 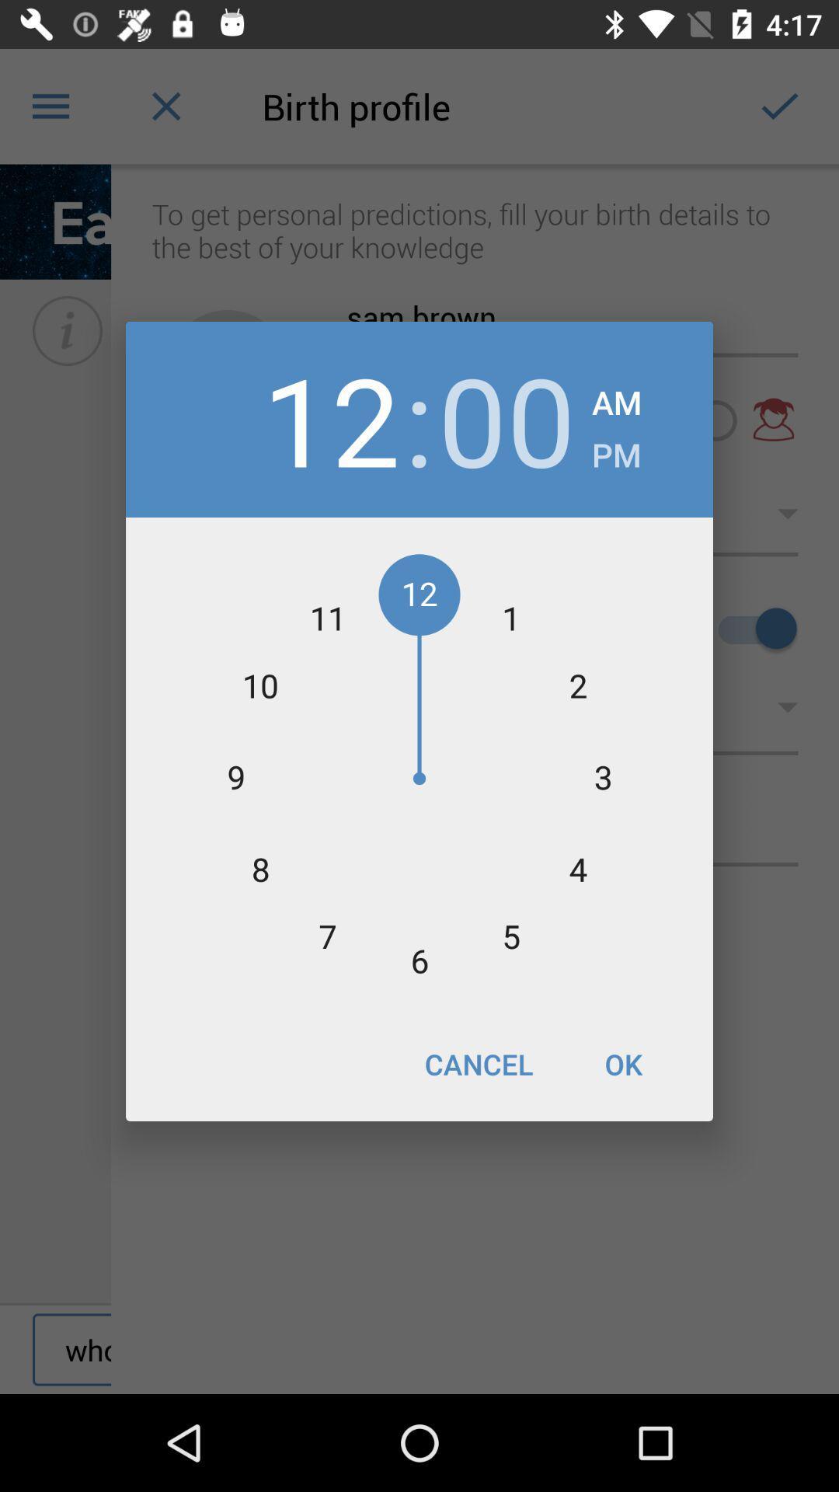 I want to click on item to the right of 00, so click(x=616, y=398).